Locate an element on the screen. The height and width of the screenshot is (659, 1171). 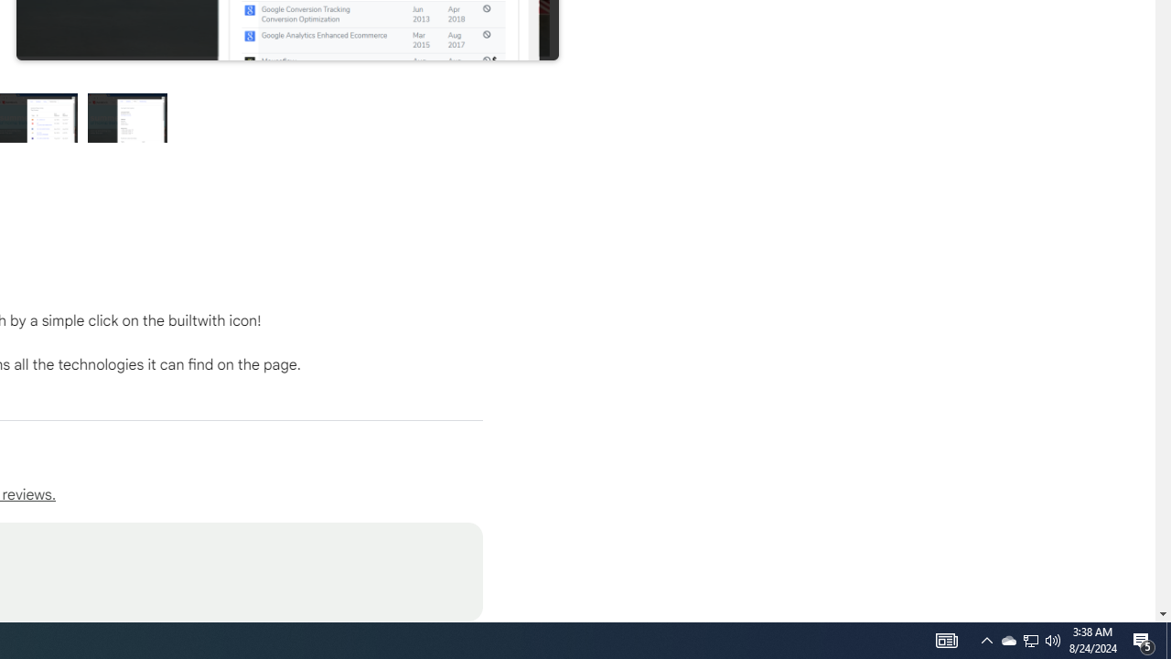
'Notification Chevron' is located at coordinates (1031, 639).